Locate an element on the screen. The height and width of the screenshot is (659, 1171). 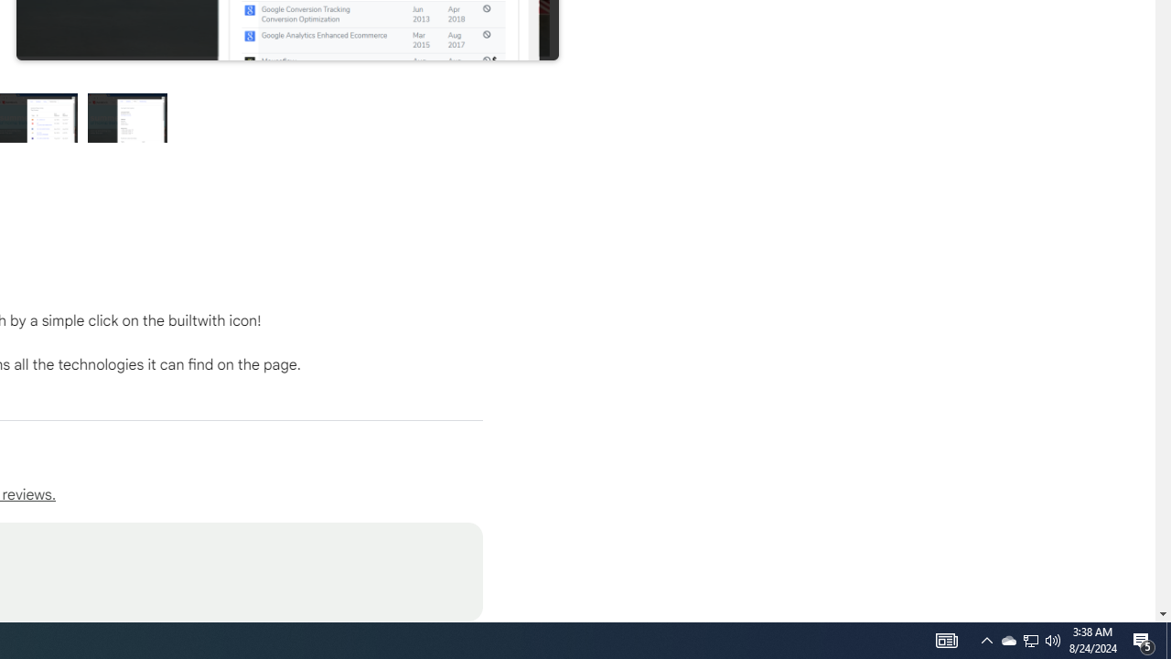
'Notification Chevron' is located at coordinates (1031, 639).